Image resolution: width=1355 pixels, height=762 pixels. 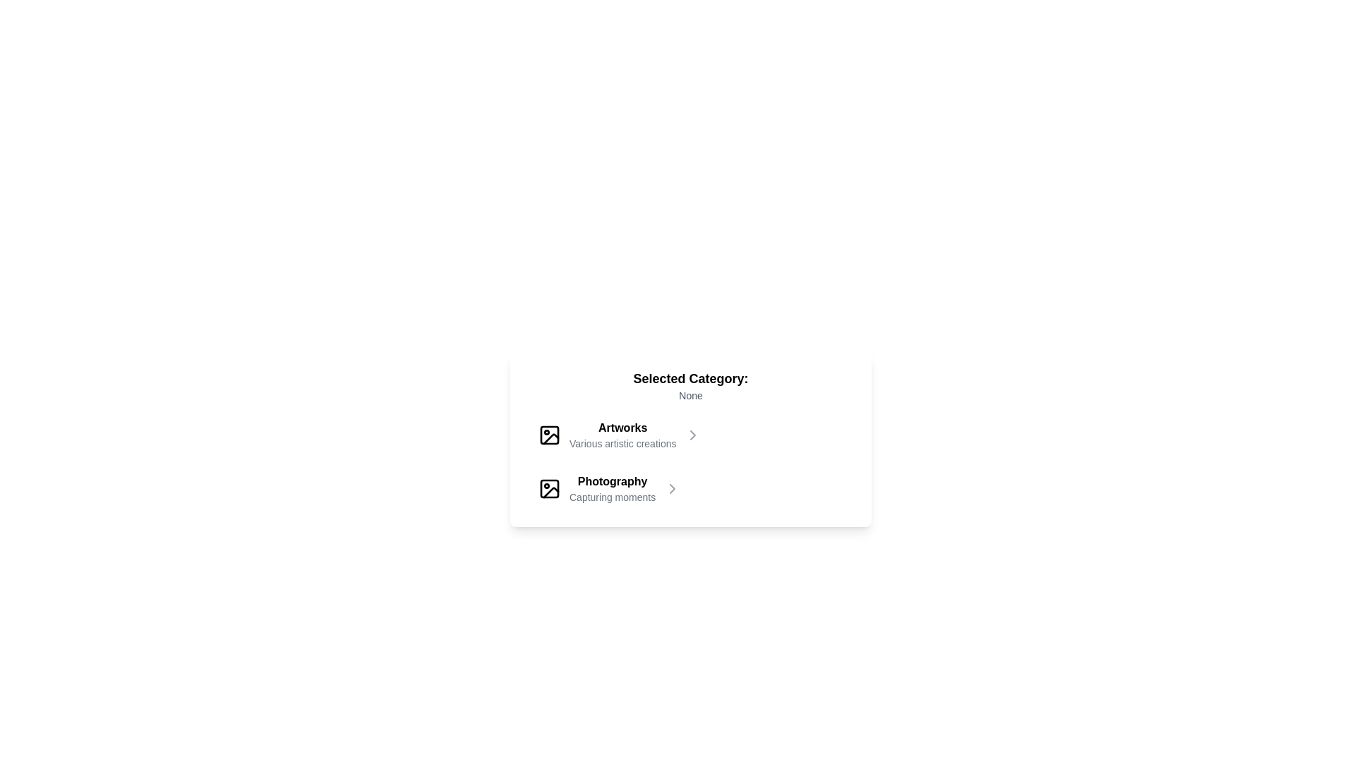 What do you see at coordinates (693, 435) in the screenshot?
I see `the arrow-shaped icon button, which is gray and positioned to the right of the 'Artworks' text` at bounding box center [693, 435].